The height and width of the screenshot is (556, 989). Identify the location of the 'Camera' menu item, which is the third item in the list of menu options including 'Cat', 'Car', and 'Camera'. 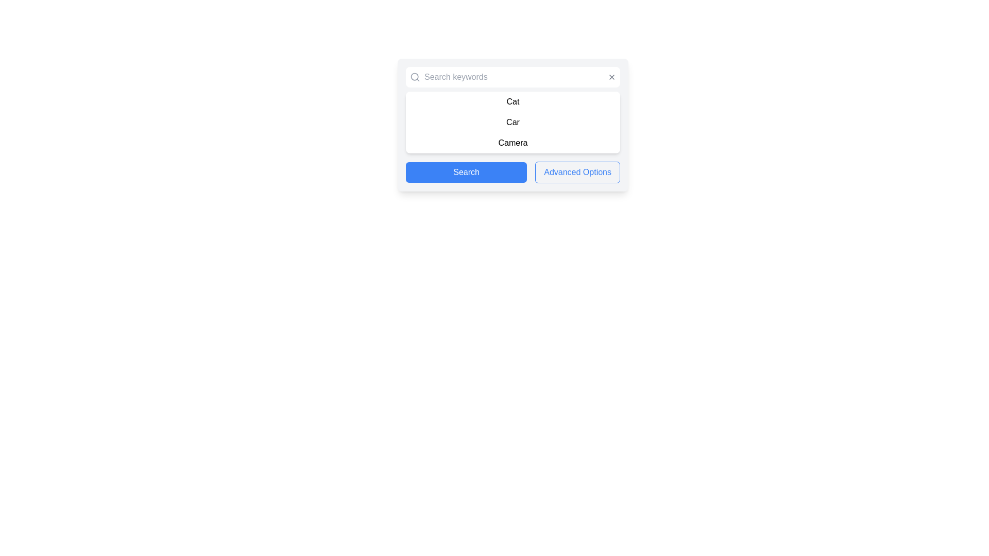
(513, 143).